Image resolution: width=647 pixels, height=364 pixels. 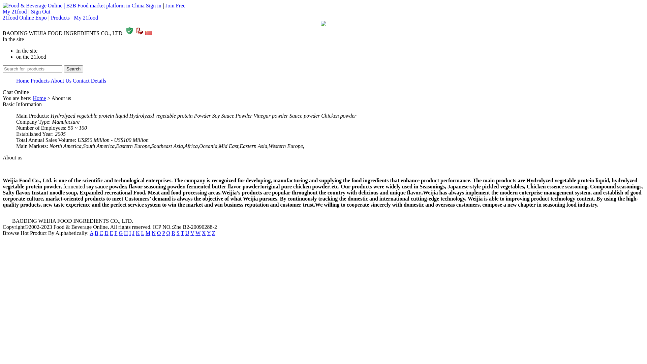 I want to click on 'F', so click(x=116, y=233).